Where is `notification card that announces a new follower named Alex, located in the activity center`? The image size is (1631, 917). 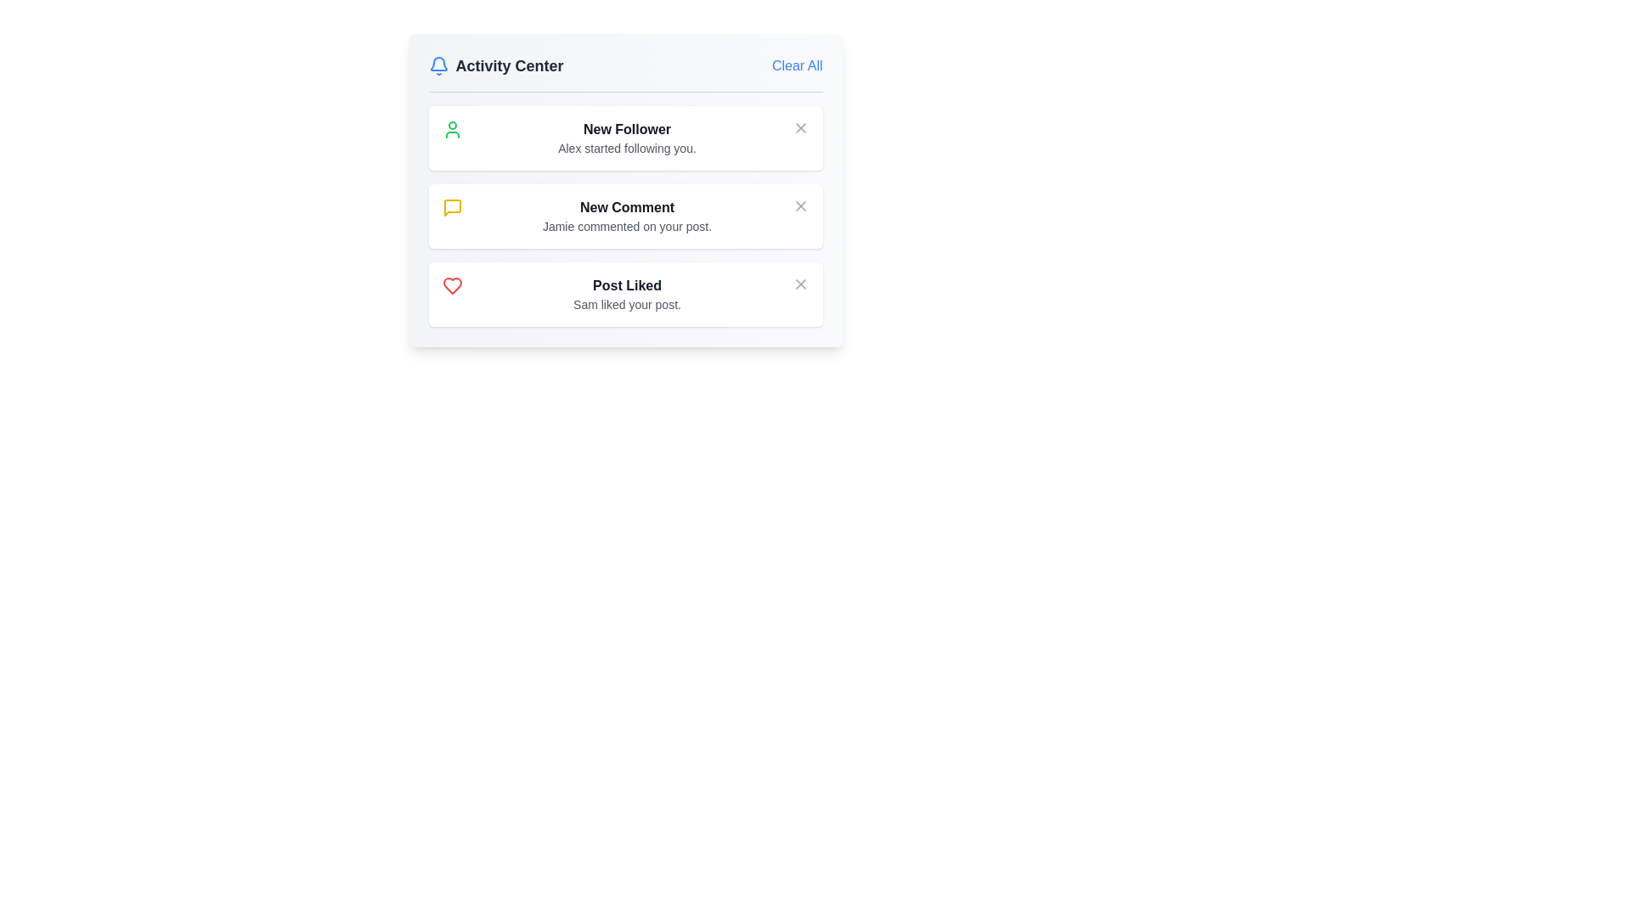 notification card that announces a new follower named Alex, located in the activity center is located at coordinates (624, 137).